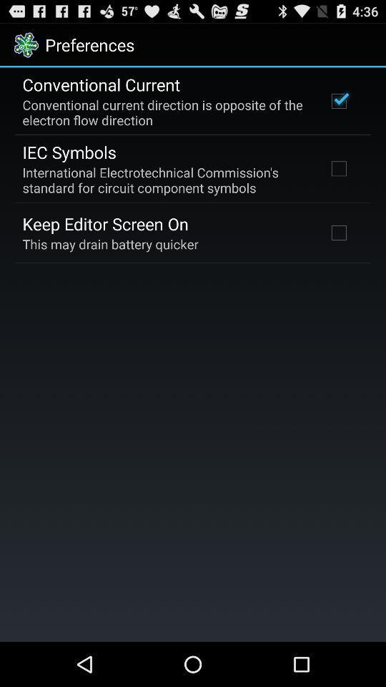 This screenshot has height=687, width=386. I want to click on icon below conventional current direction, so click(69, 152).